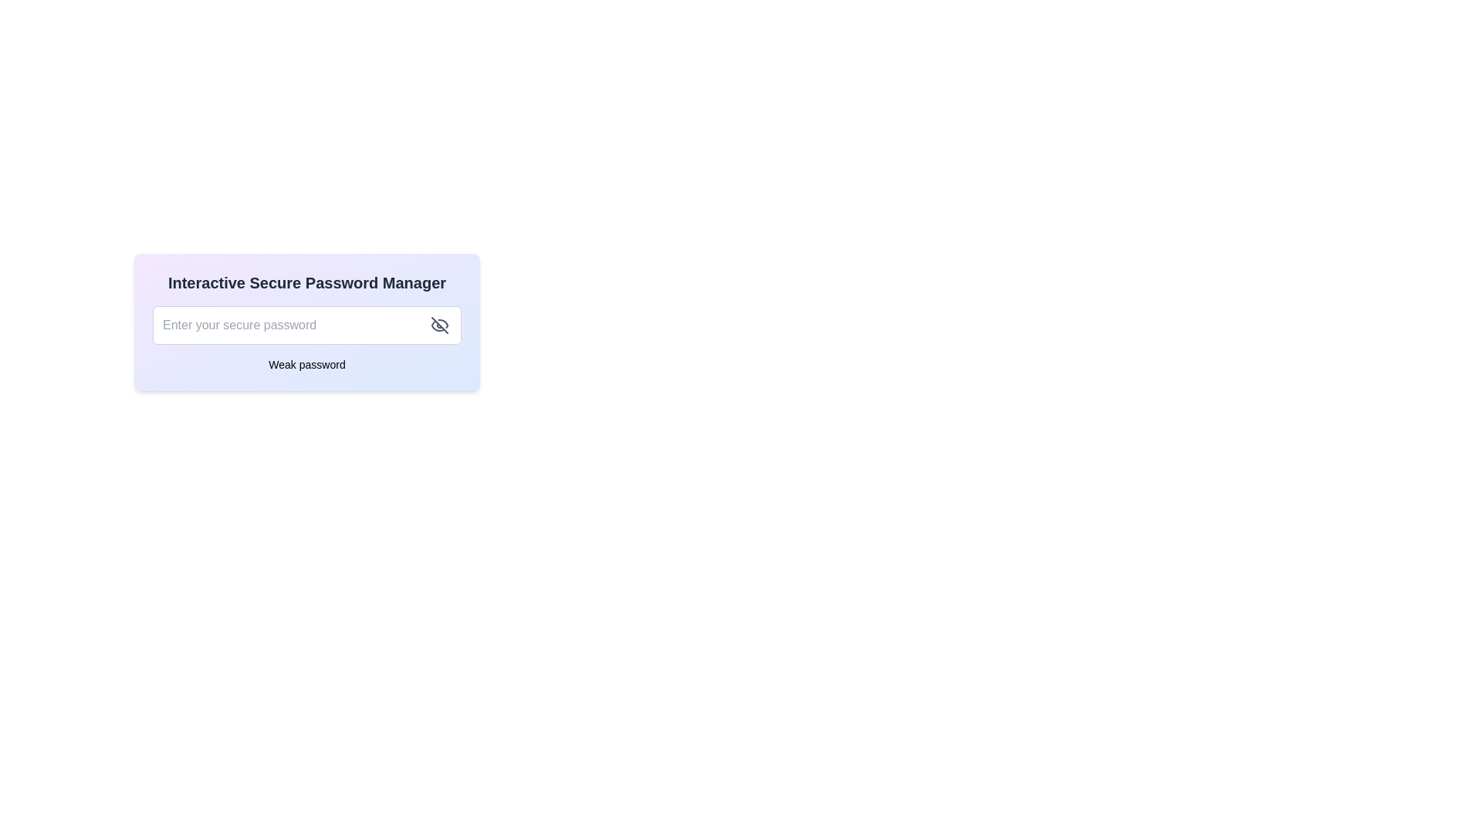 This screenshot has height=833, width=1482. Describe the element at coordinates (439, 324) in the screenshot. I see `the eye with a slash icon button` at that location.